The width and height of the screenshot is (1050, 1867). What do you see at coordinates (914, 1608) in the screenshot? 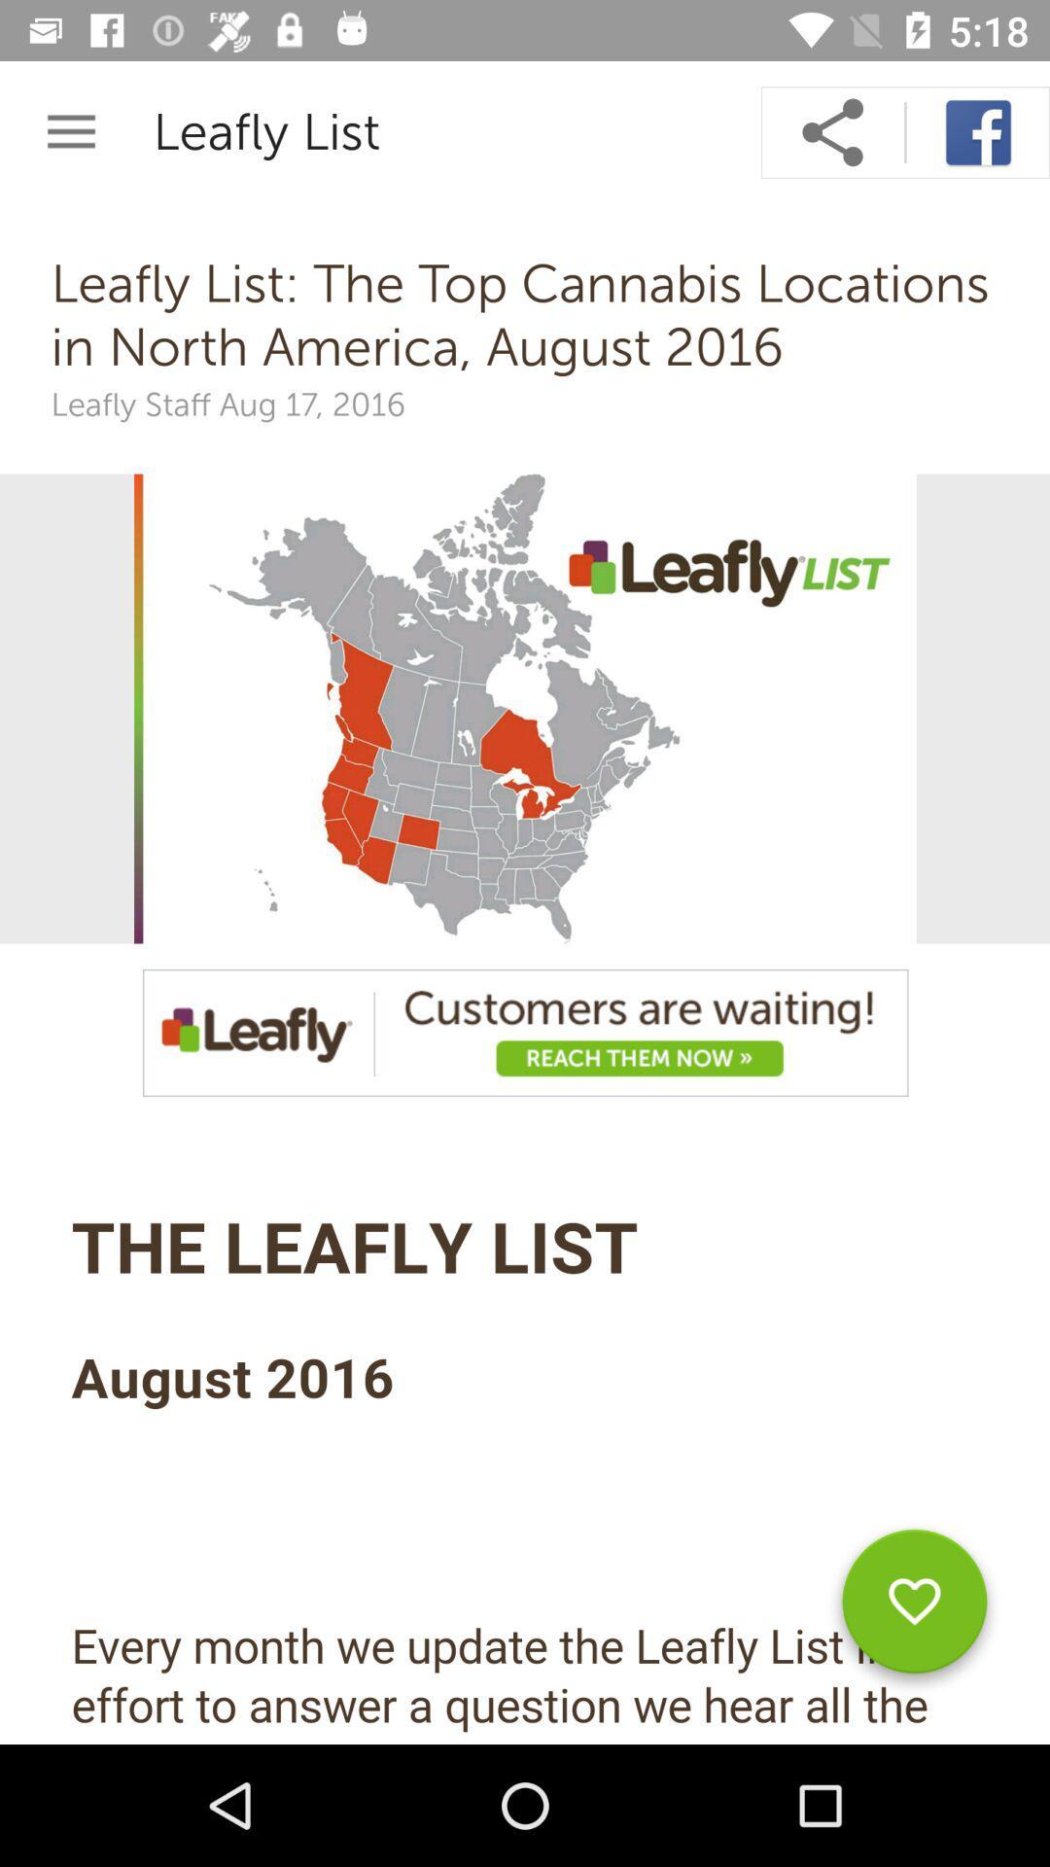
I see `the favorite icon` at bounding box center [914, 1608].